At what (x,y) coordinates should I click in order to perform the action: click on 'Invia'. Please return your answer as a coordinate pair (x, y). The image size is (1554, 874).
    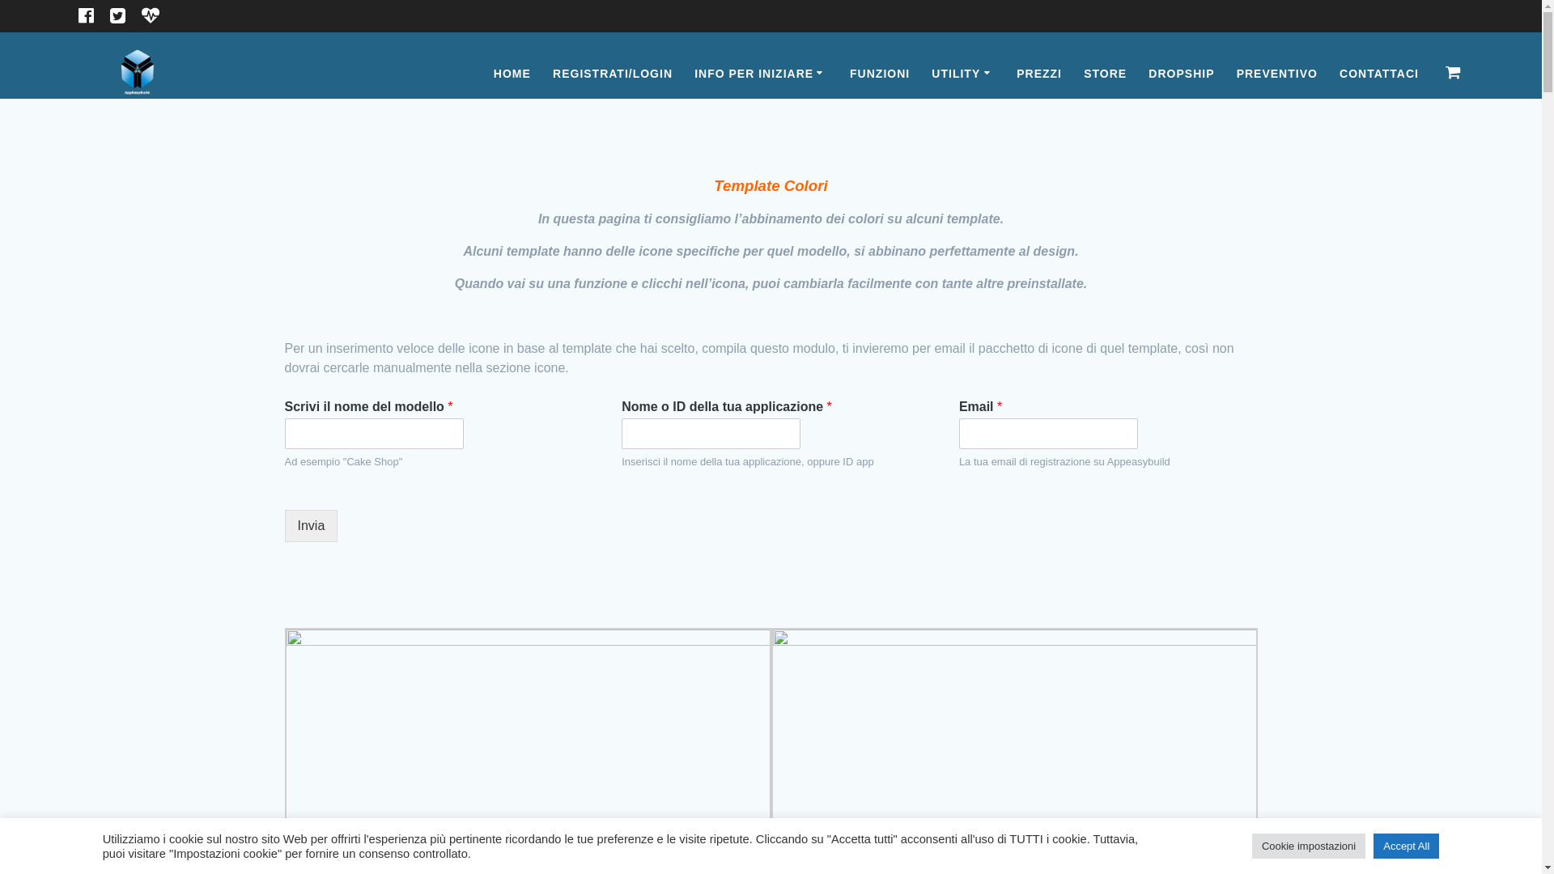
    Looking at the image, I should click on (311, 526).